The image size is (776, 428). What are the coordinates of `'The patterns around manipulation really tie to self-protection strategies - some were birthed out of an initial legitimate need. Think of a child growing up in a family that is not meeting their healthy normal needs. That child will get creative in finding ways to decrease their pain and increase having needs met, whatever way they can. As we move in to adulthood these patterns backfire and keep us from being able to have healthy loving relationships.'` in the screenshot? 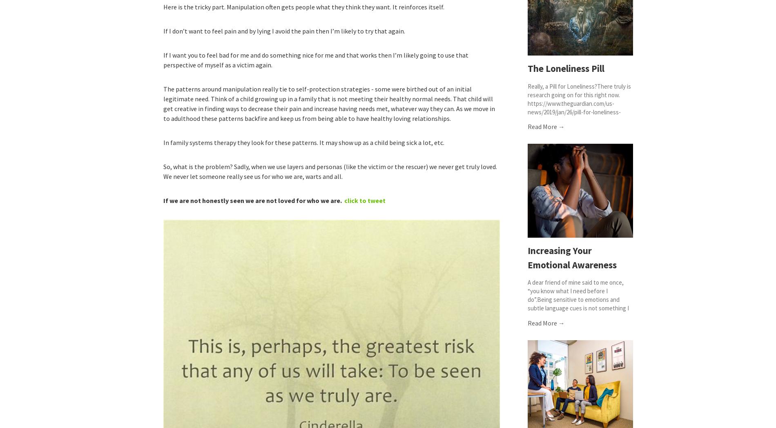 It's located at (328, 104).